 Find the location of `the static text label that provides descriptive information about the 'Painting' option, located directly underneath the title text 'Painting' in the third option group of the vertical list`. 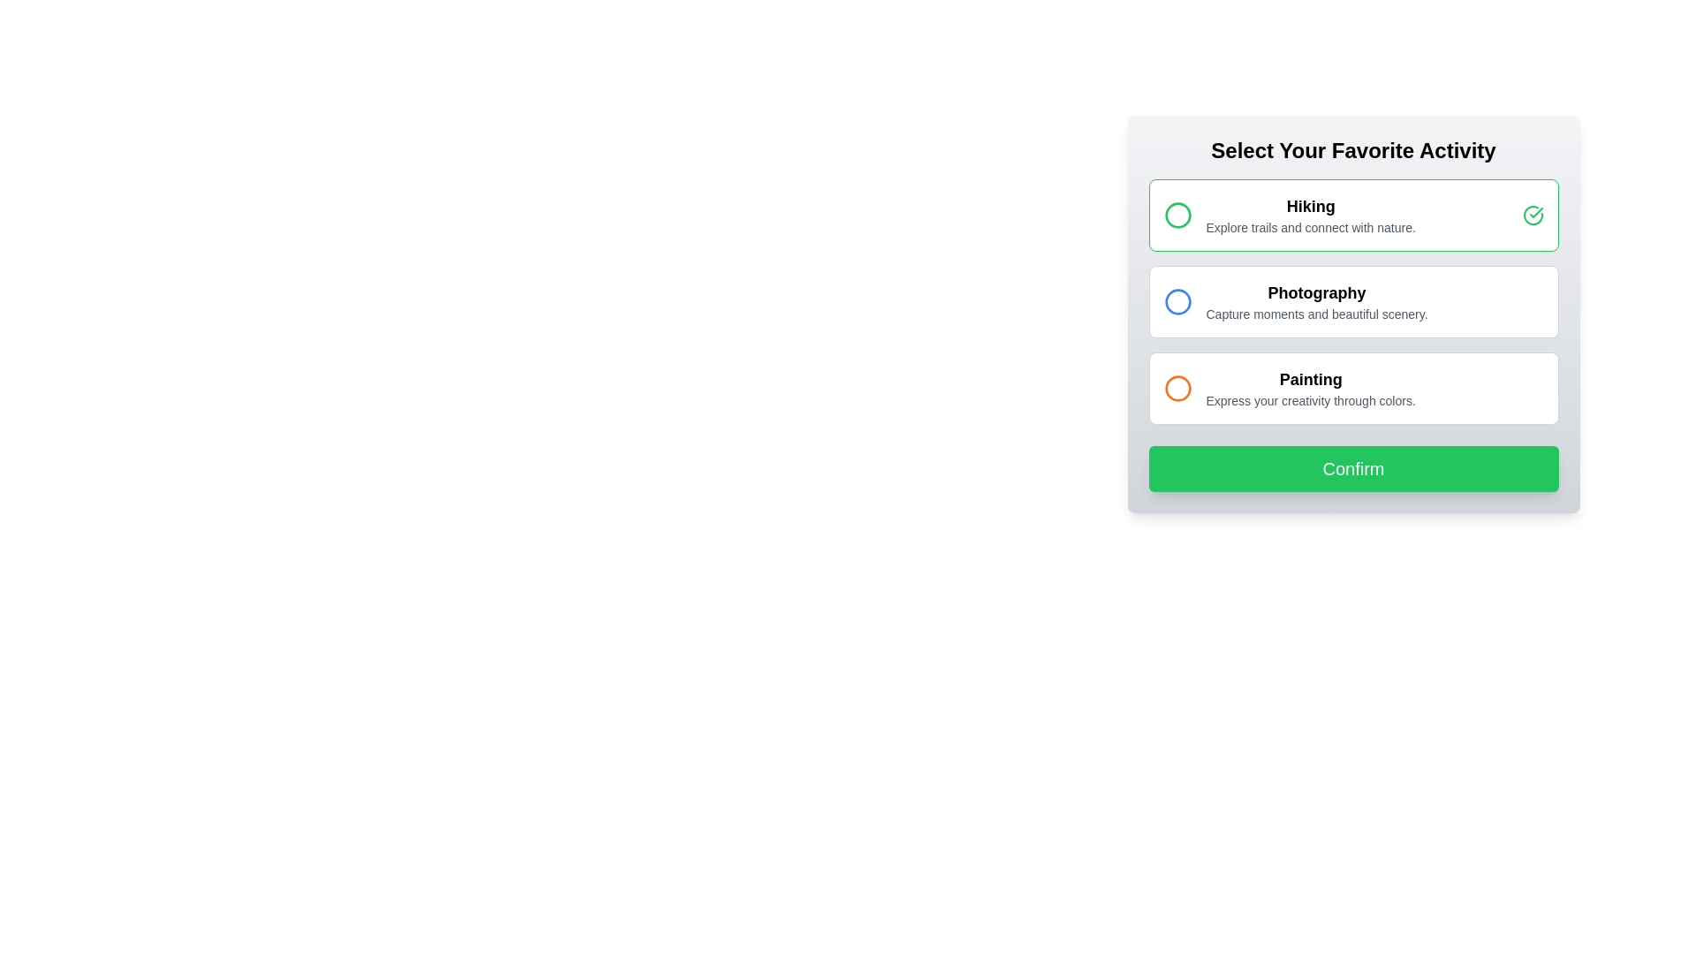

the static text label that provides descriptive information about the 'Painting' option, located directly underneath the title text 'Painting' in the third option group of the vertical list is located at coordinates (1311, 401).